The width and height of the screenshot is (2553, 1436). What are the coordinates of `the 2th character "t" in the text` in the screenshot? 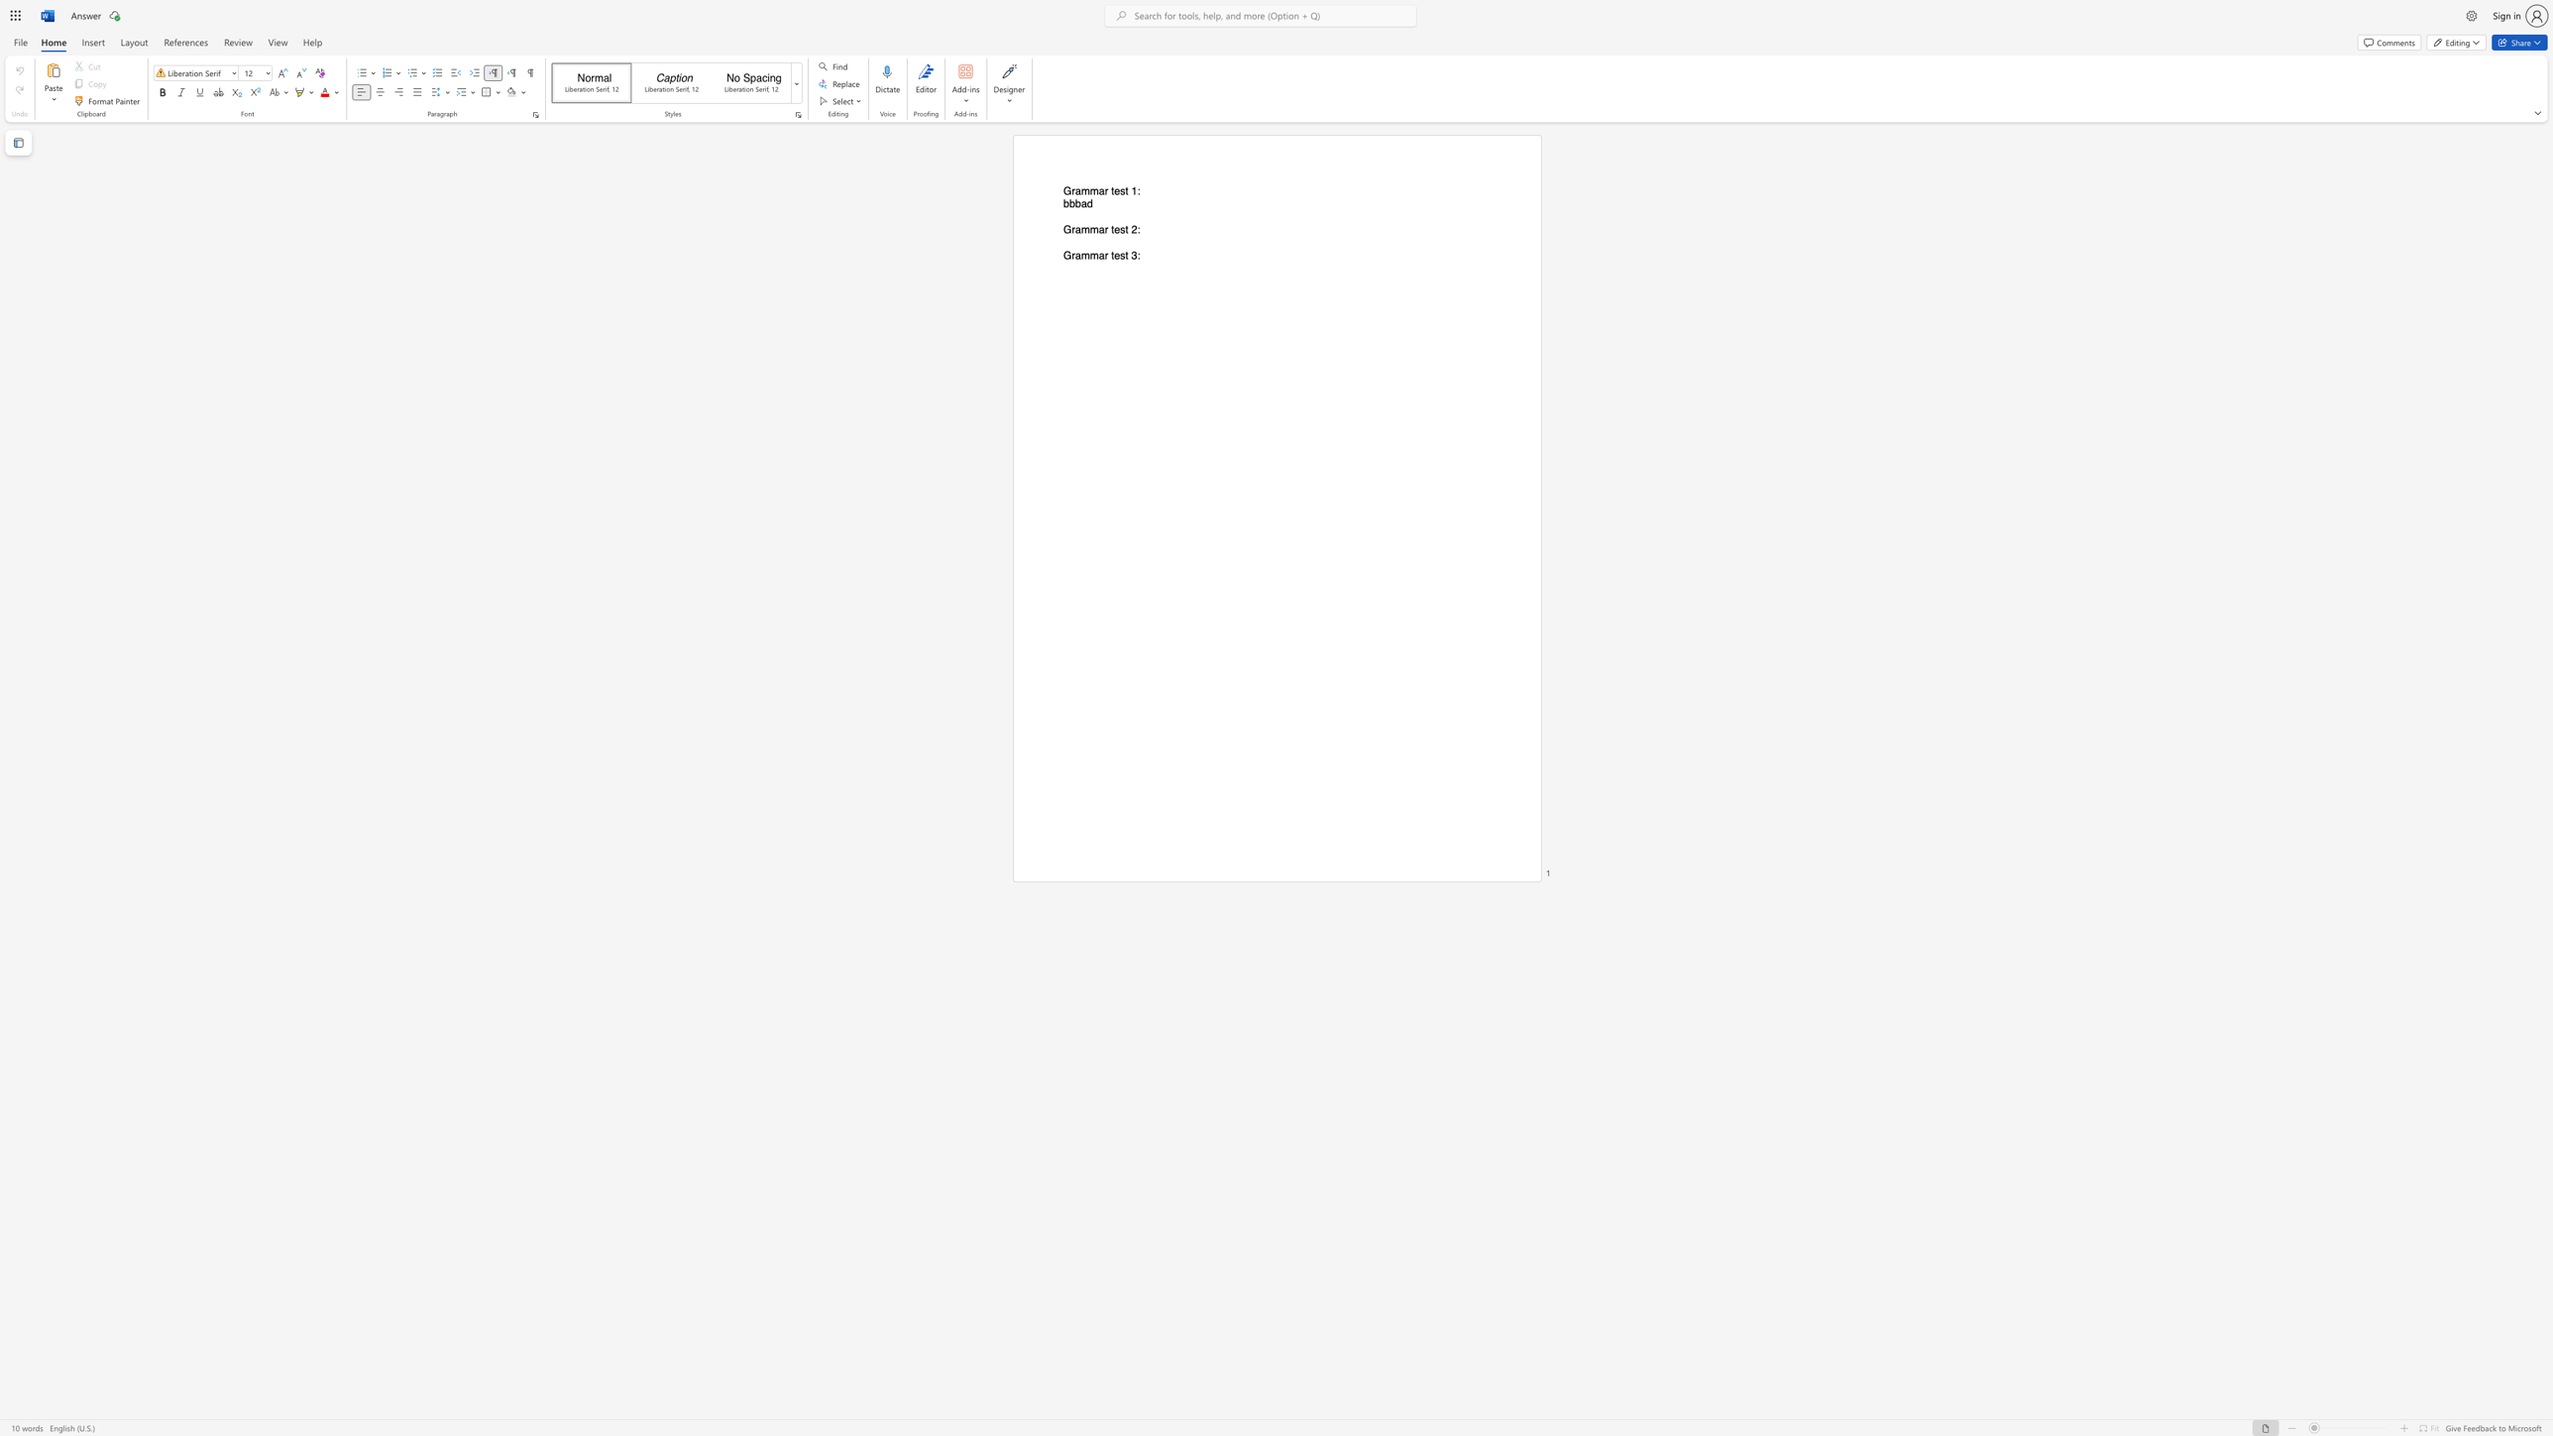 It's located at (1126, 256).